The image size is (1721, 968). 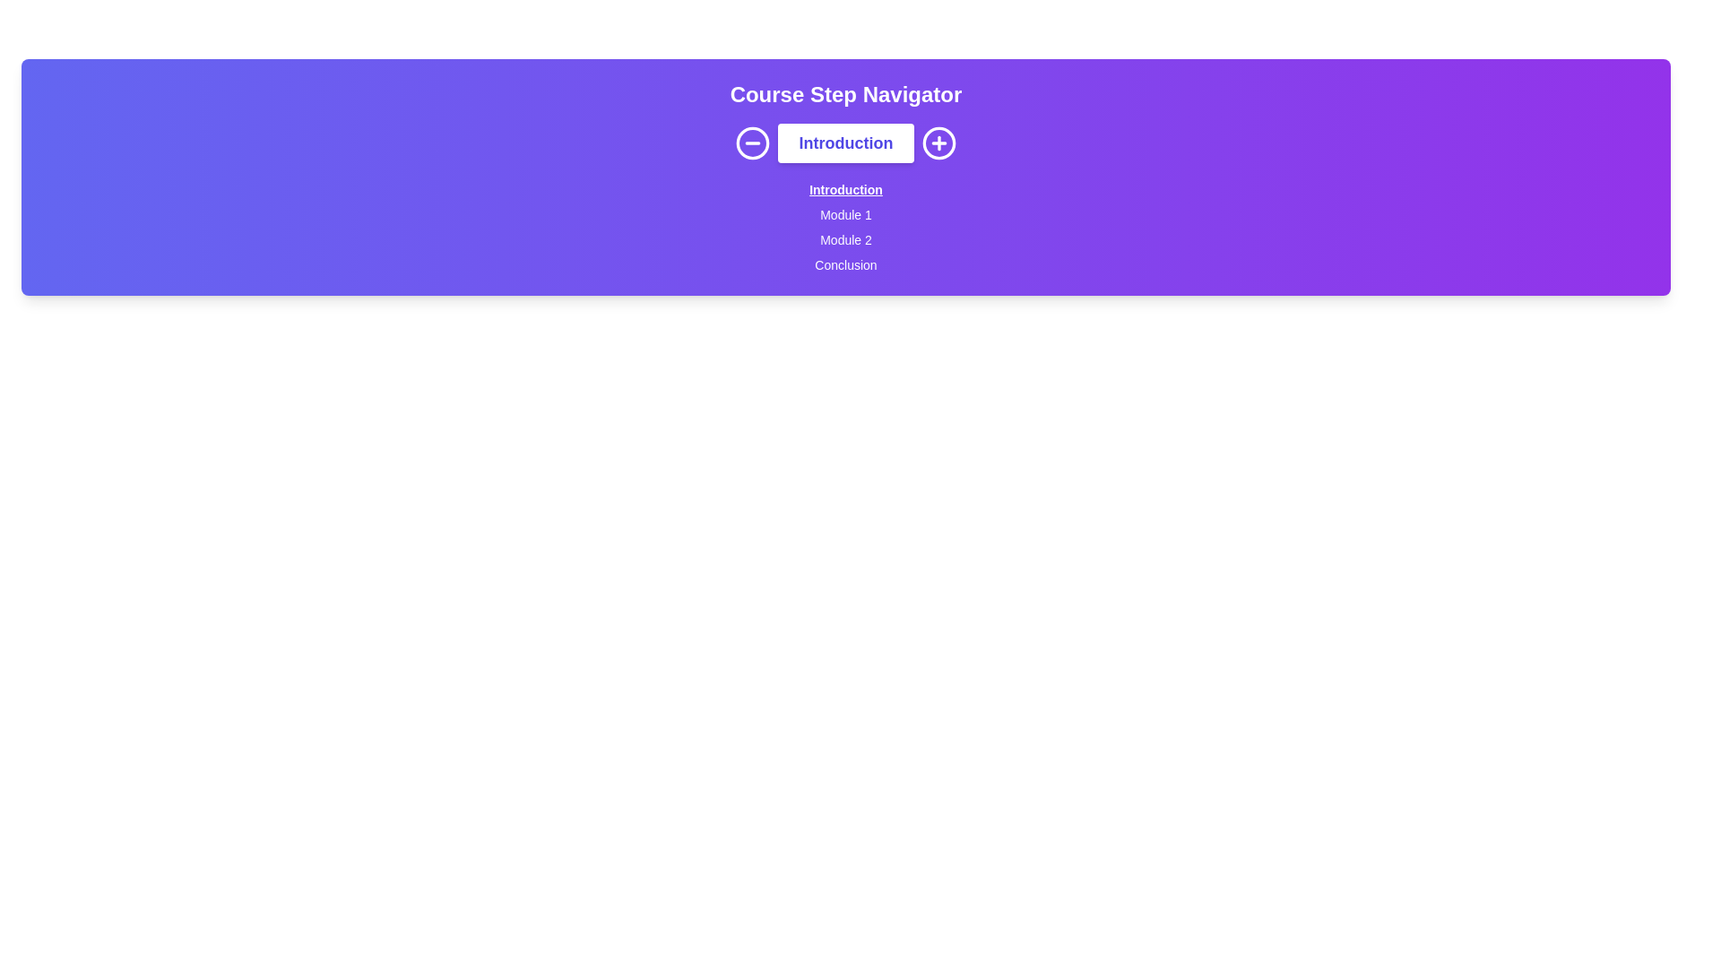 I want to click on the Text label that indicates the current topic or section in the step-based navigation interface, which is the first item in a vertical list under 'Course Step Navigator', so click(x=845, y=186).